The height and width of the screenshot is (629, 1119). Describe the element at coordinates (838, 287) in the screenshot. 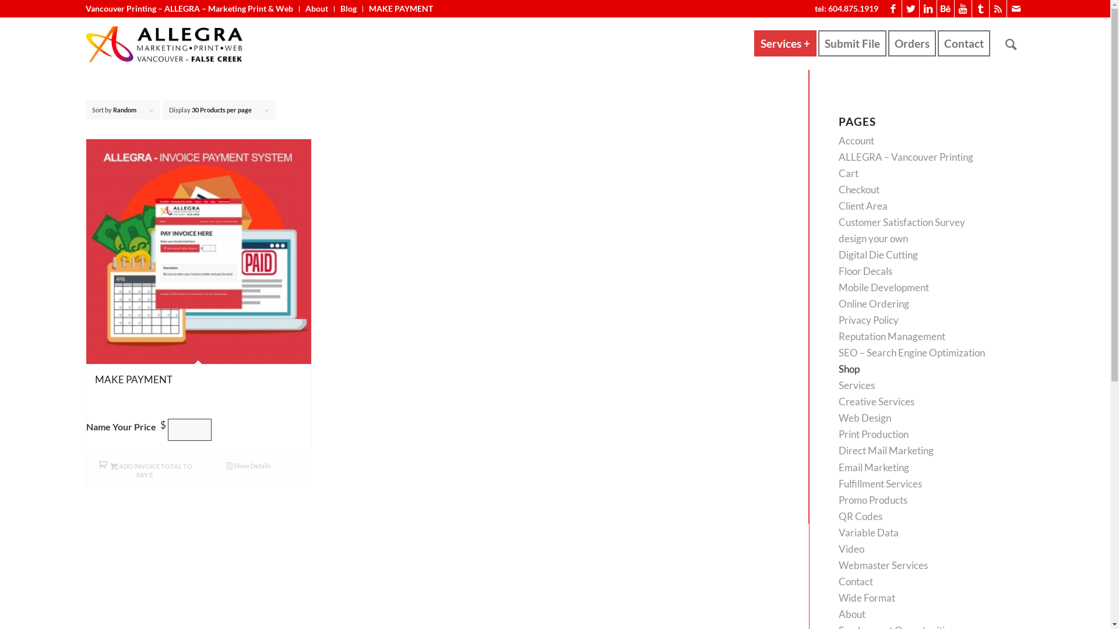

I see `'Mobile Development'` at that location.